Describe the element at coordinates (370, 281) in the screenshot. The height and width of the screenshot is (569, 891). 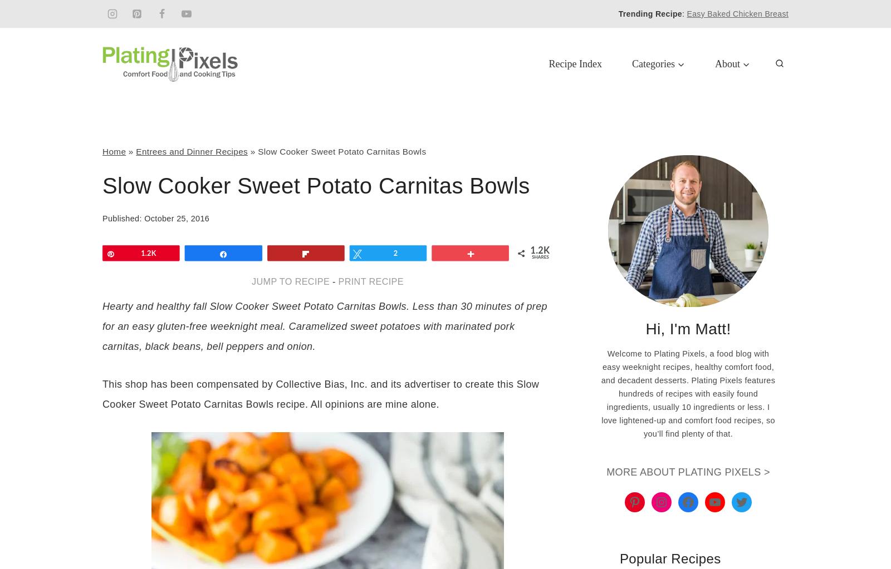
I see `'PRINT RECIPE'` at that location.